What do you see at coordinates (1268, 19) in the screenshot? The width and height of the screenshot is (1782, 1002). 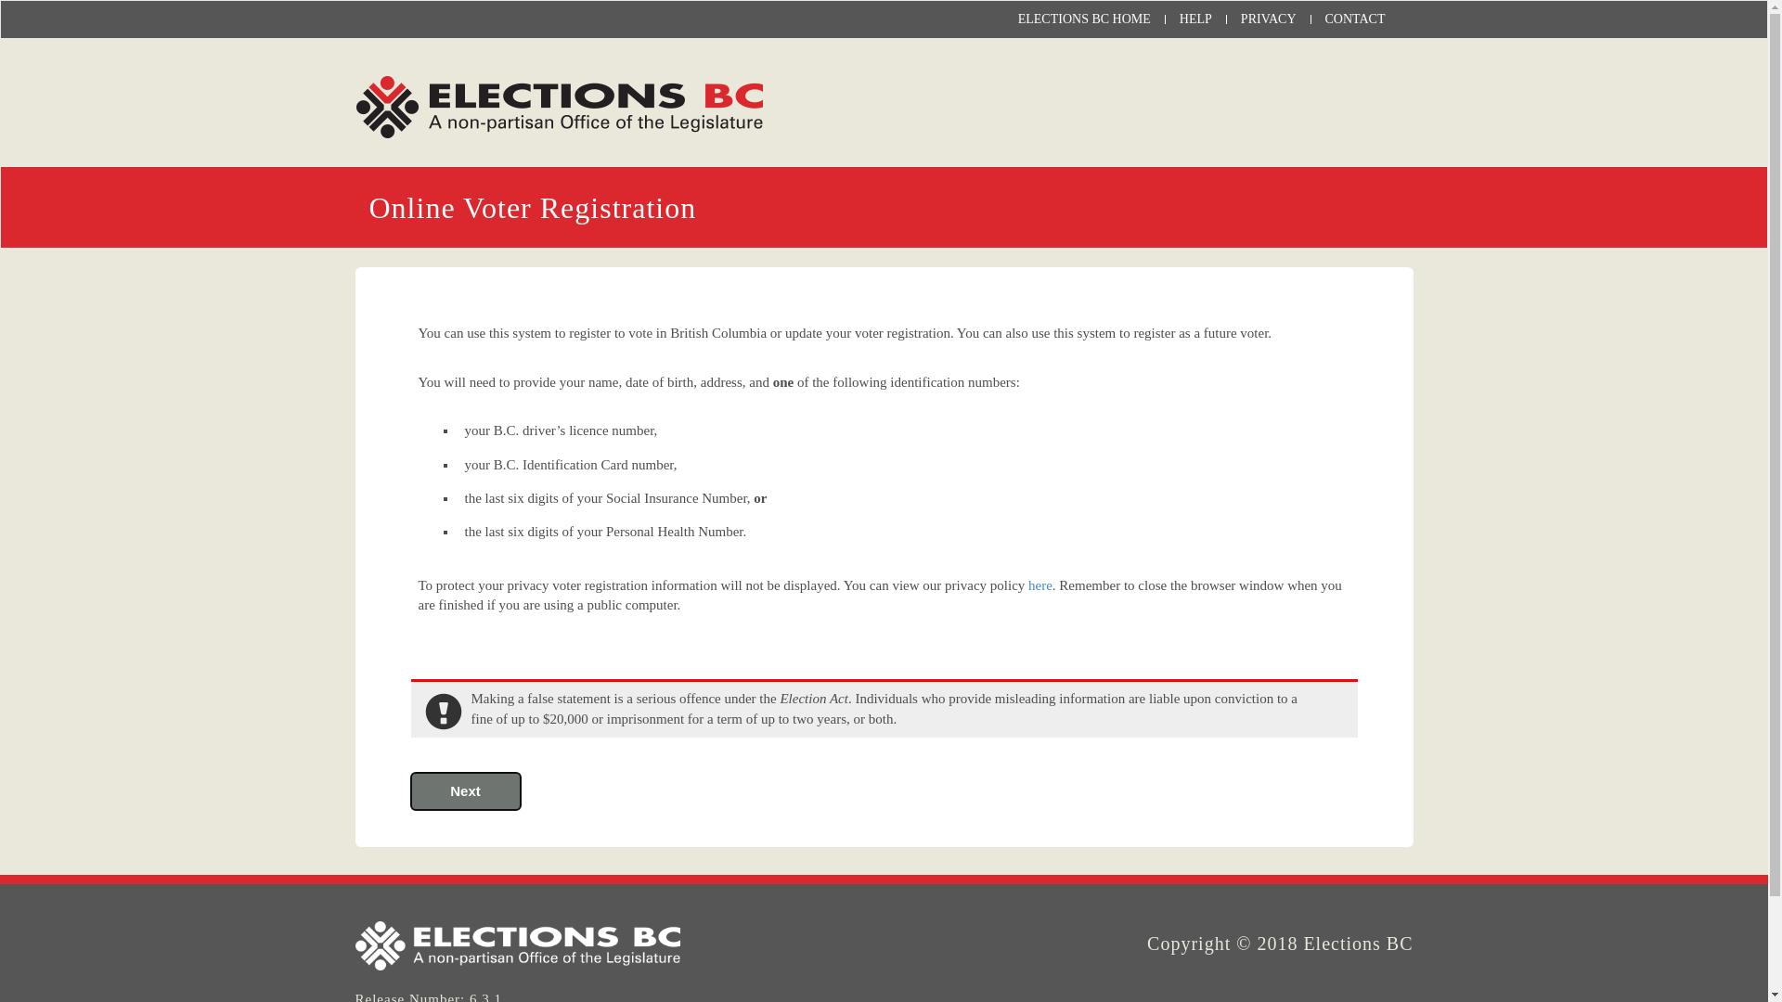 I see `'PRIVACY'` at bounding box center [1268, 19].